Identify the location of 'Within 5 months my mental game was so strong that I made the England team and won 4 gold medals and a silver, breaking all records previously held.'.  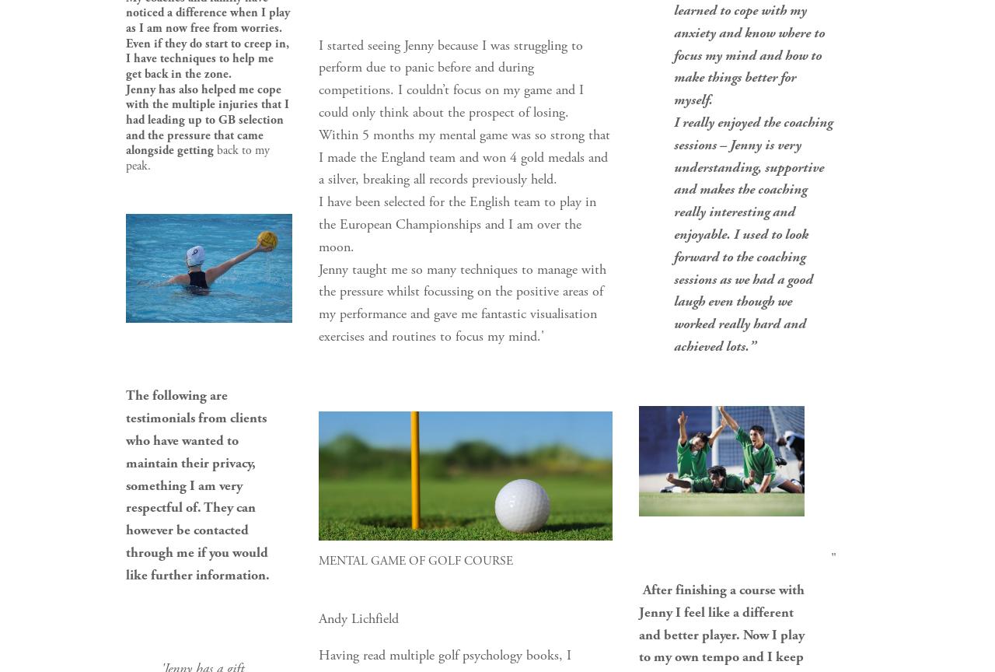
(465, 156).